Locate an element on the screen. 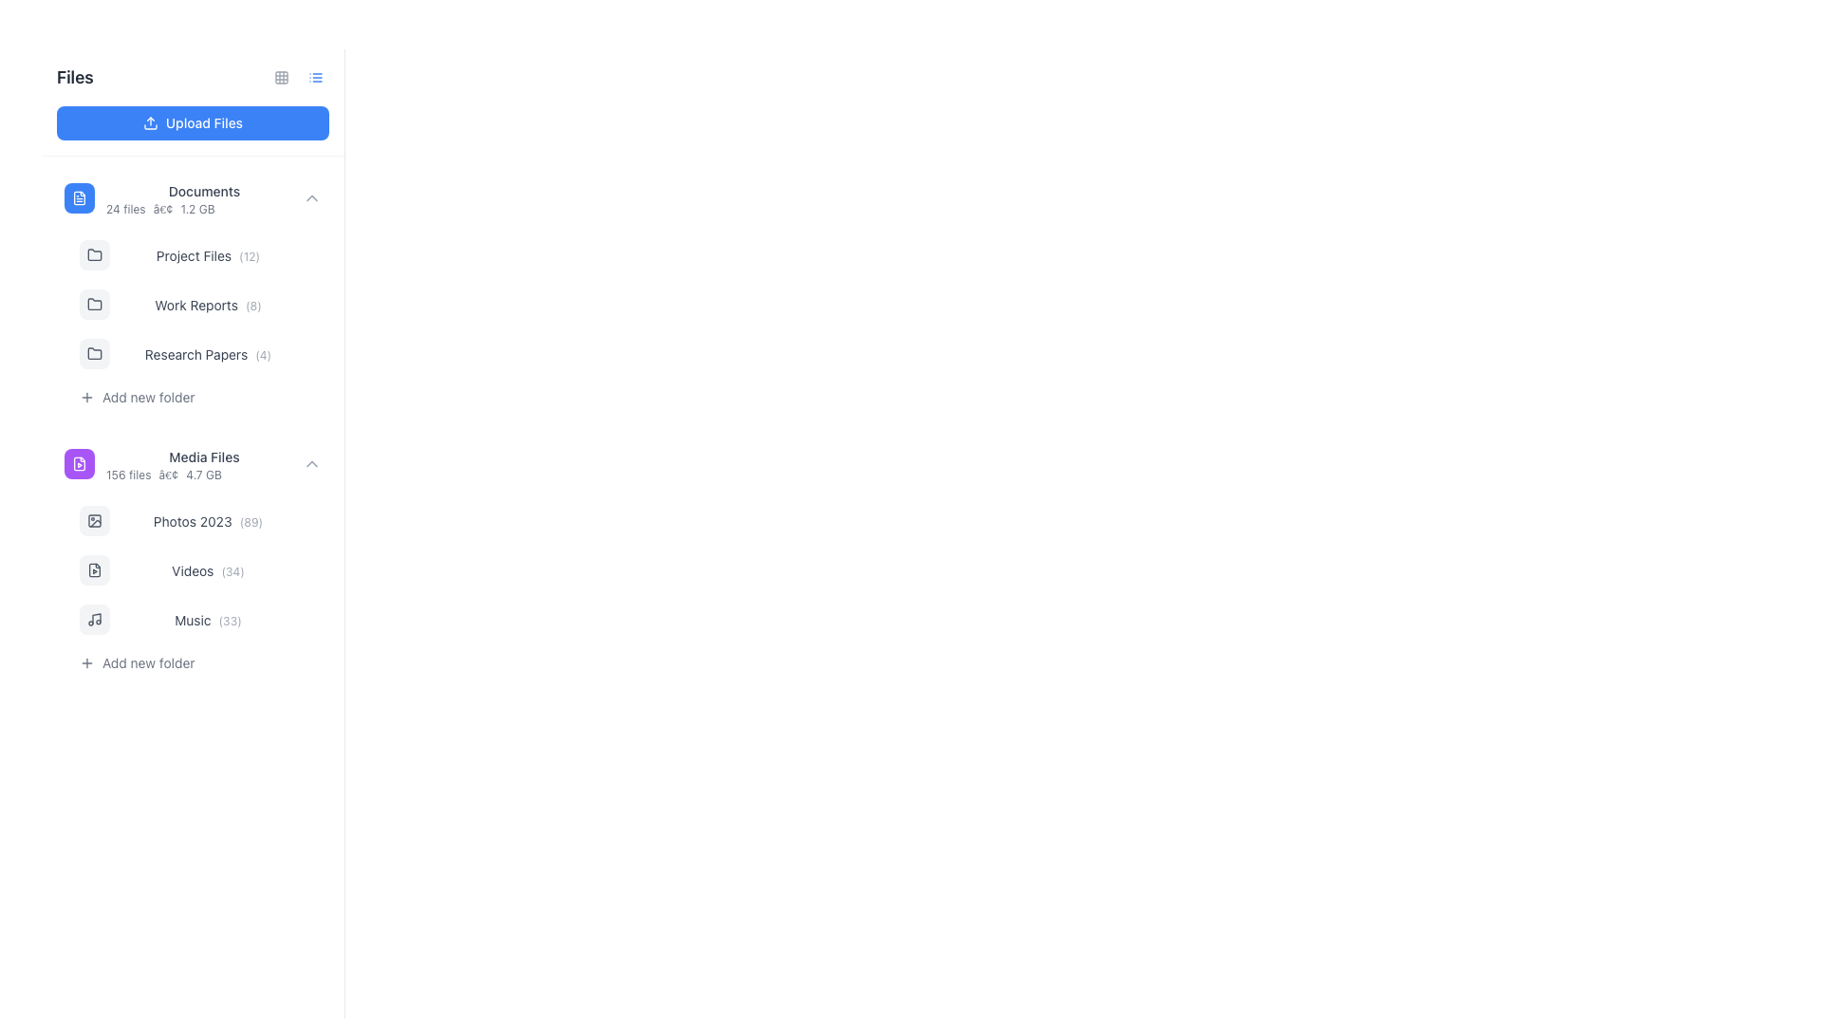 The height and width of the screenshot is (1025, 1822). the prominent text label displaying the word 'Files', which is styled in a bold, large font and located in the top-left corner of the interface is located at coordinates (75, 76).